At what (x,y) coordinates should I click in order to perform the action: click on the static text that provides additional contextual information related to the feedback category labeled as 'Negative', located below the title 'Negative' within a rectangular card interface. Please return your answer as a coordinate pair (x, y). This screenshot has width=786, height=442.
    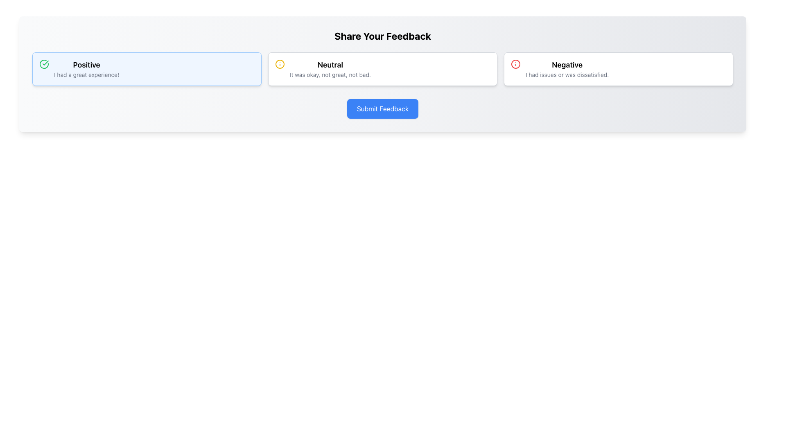
    Looking at the image, I should click on (567, 74).